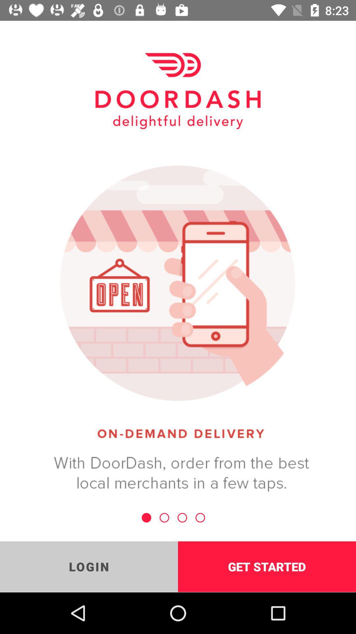 Image resolution: width=356 pixels, height=634 pixels. Describe the element at coordinates (89, 566) in the screenshot. I see `login item` at that location.